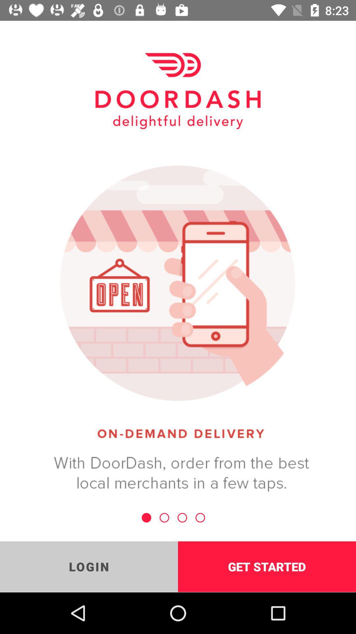 Image resolution: width=356 pixels, height=634 pixels. Describe the element at coordinates (89, 566) in the screenshot. I see `login item` at that location.